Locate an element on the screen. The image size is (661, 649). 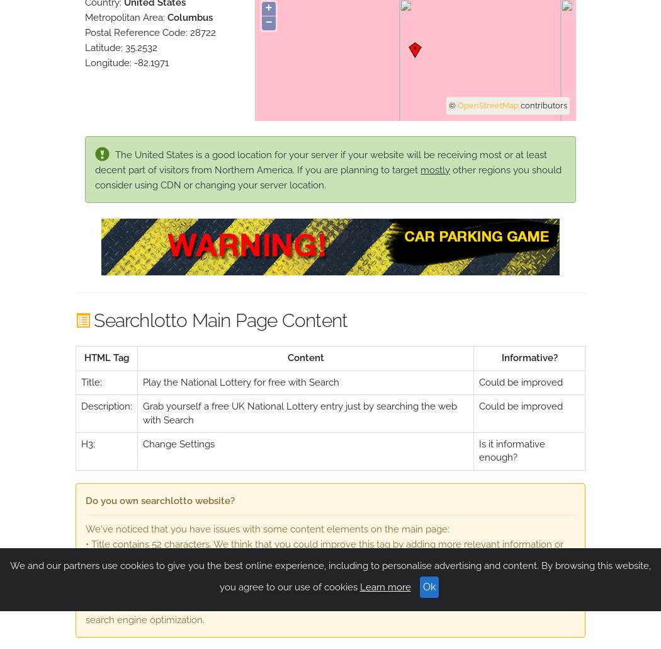
'• Description tag could contain more content. We detected that this tag contains 90 characters and this is a small volume for a description.' is located at coordinates (329, 581).